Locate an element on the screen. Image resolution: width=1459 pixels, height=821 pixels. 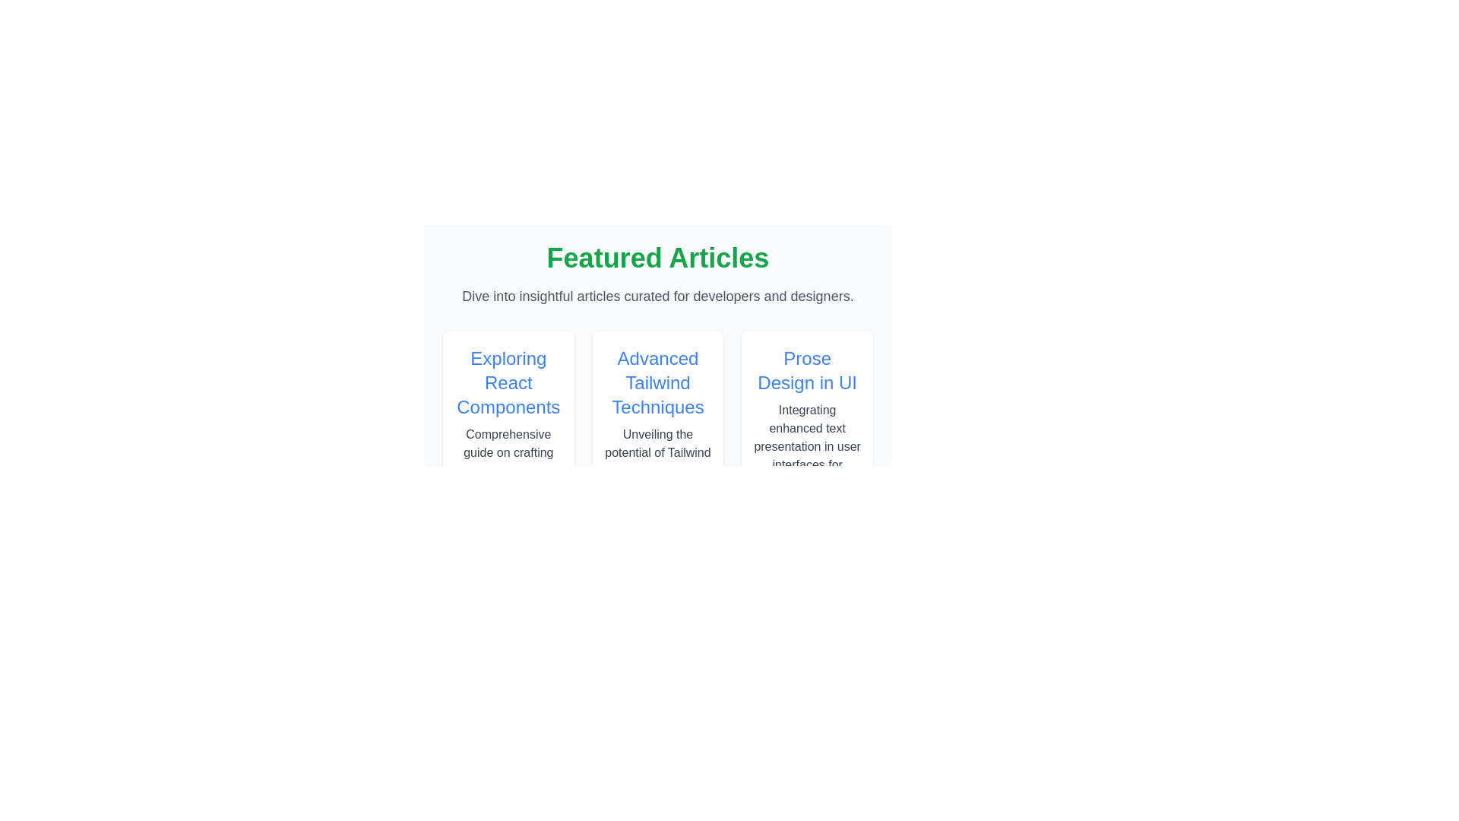
the first card in the horizontally arranged grid, which has a white background and a blue title text 'Exploring React Components' is located at coordinates (508, 458).